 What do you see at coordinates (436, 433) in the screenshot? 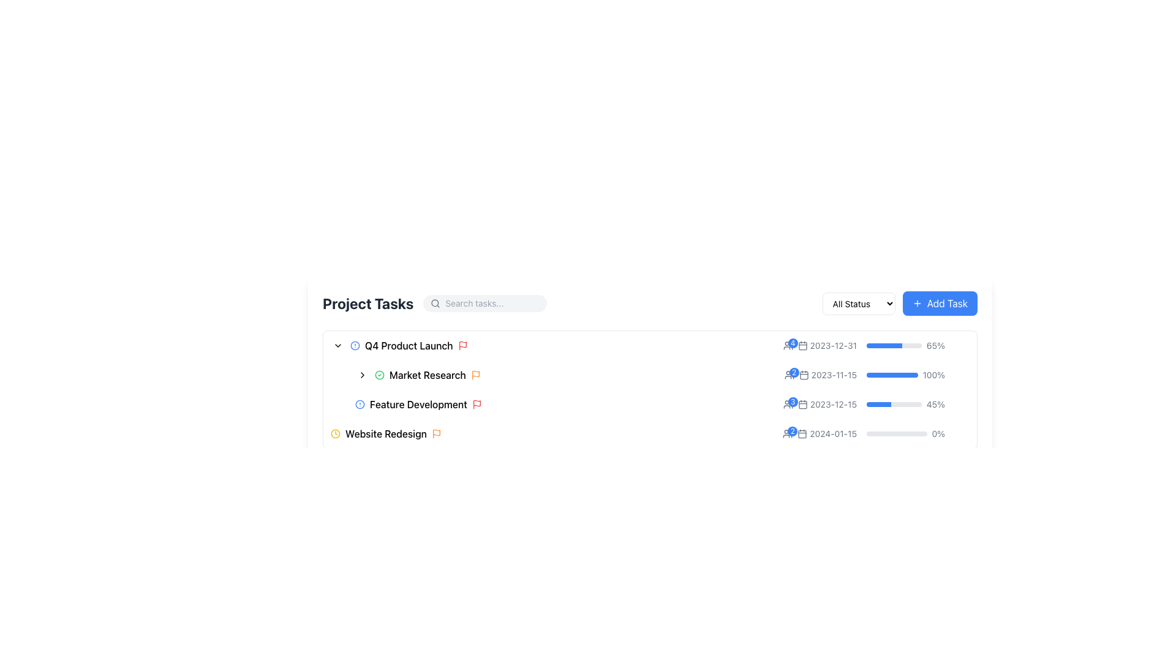
I see `the flag icon that marks the 'Website Redesign' item in the list, which is positioned adjacent to its label` at bounding box center [436, 433].